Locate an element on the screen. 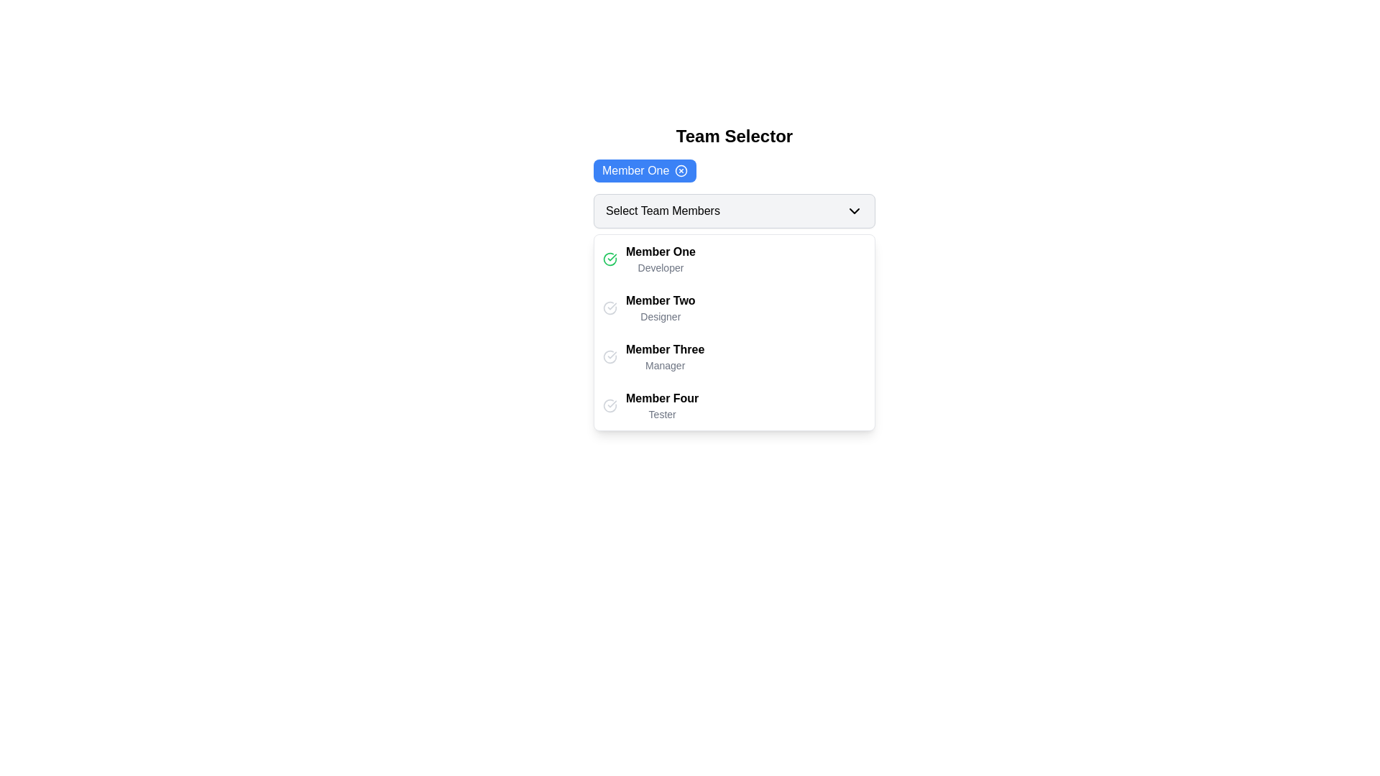 This screenshot has width=1380, height=776. the Status indicator icon located at the leftmost end of the list item for 'Member Two', which visually indicates the status or selection state of the associated item is located at coordinates (610, 307).